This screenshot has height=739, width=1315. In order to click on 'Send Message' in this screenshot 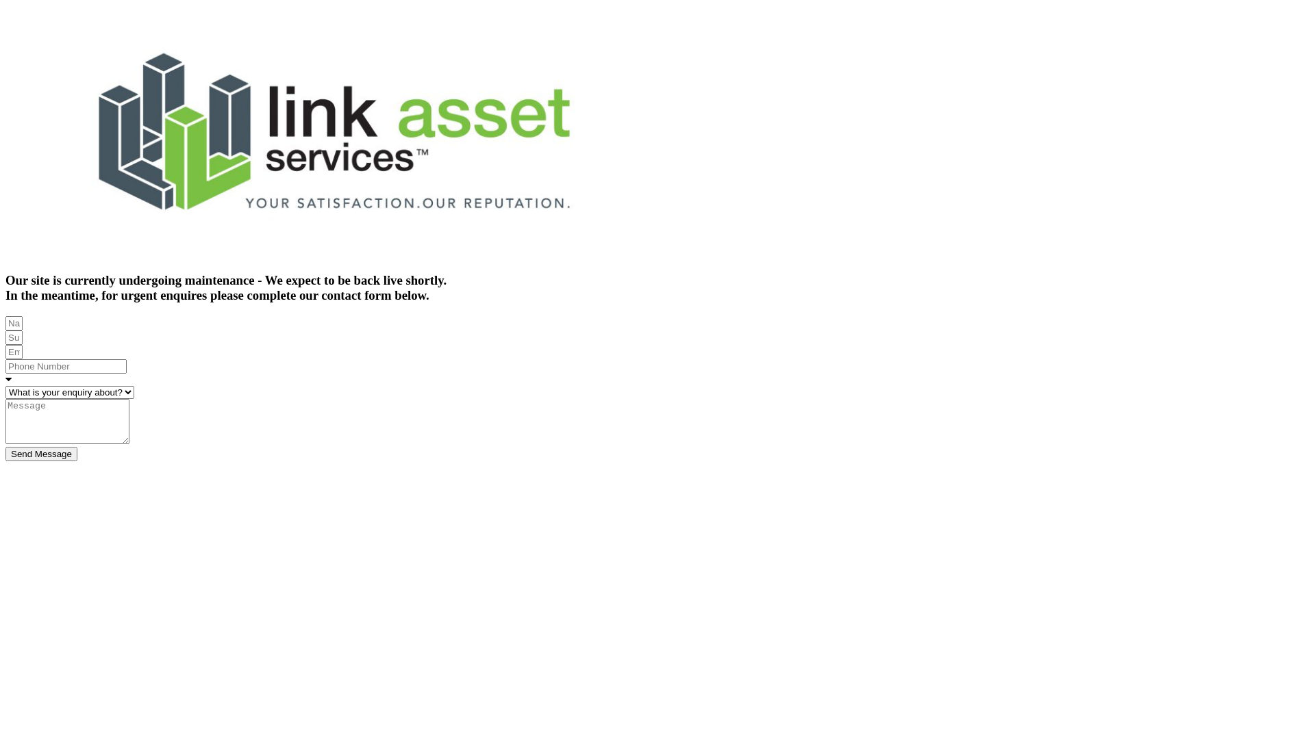, I will do `click(41, 454)`.